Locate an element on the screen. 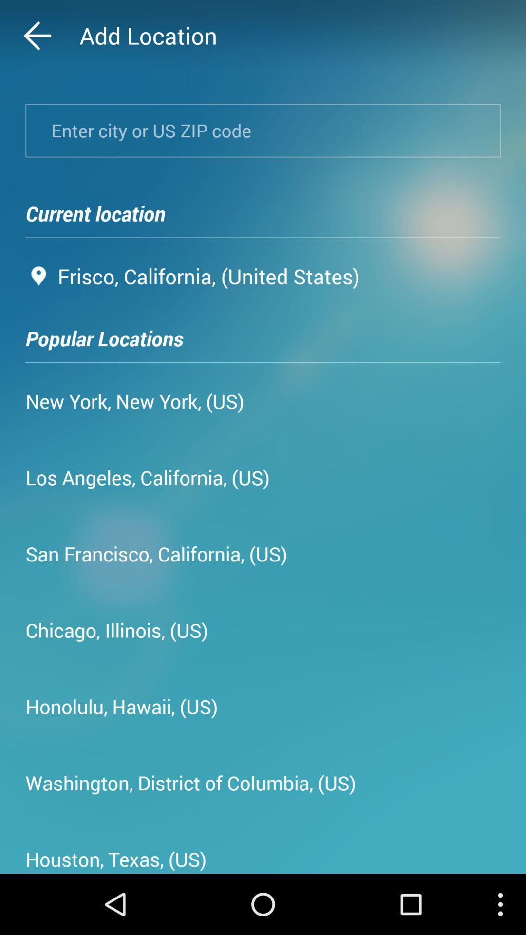 Image resolution: width=526 pixels, height=935 pixels. the honolulu, hawaii, (us) icon is located at coordinates (121, 706).